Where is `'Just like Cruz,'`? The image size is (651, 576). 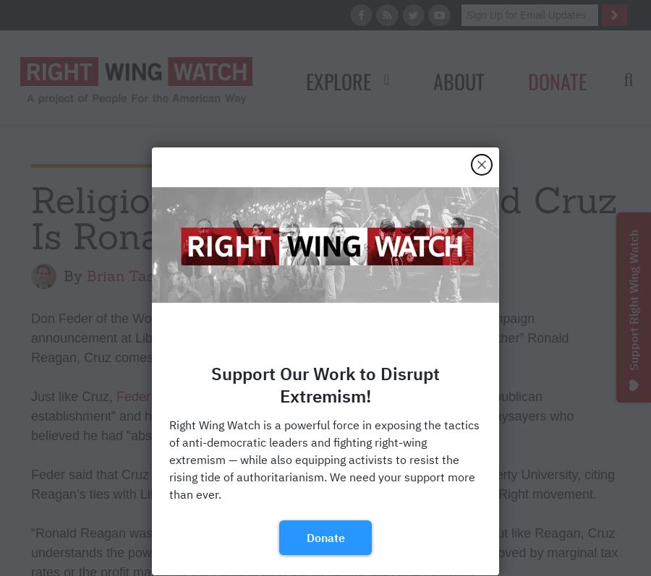 'Just like Cruz,' is located at coordinates (72, 396).